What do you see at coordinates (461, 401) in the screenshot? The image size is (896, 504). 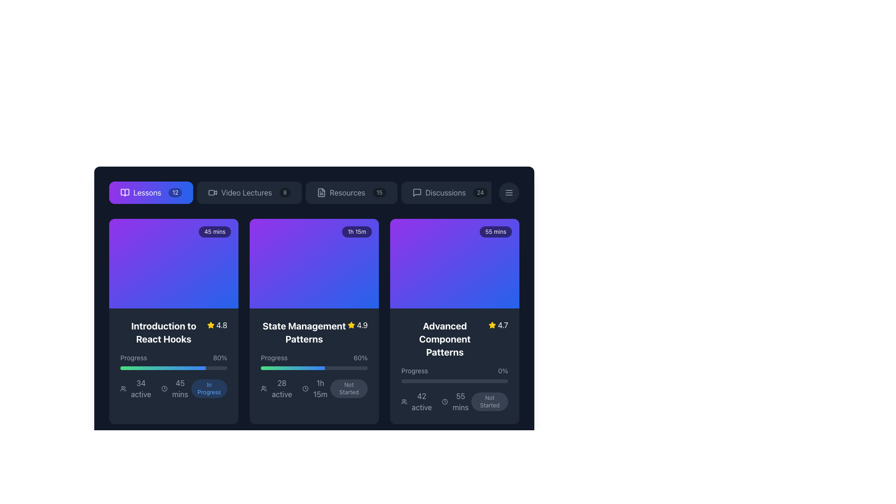 I see `the Text Label displaying '55 mins' in gray color, located in the lower section of the 'Advanced Component Patterns' card, adjacent to '42 active' and 'Not Started'` at bounding box center [461, 401].